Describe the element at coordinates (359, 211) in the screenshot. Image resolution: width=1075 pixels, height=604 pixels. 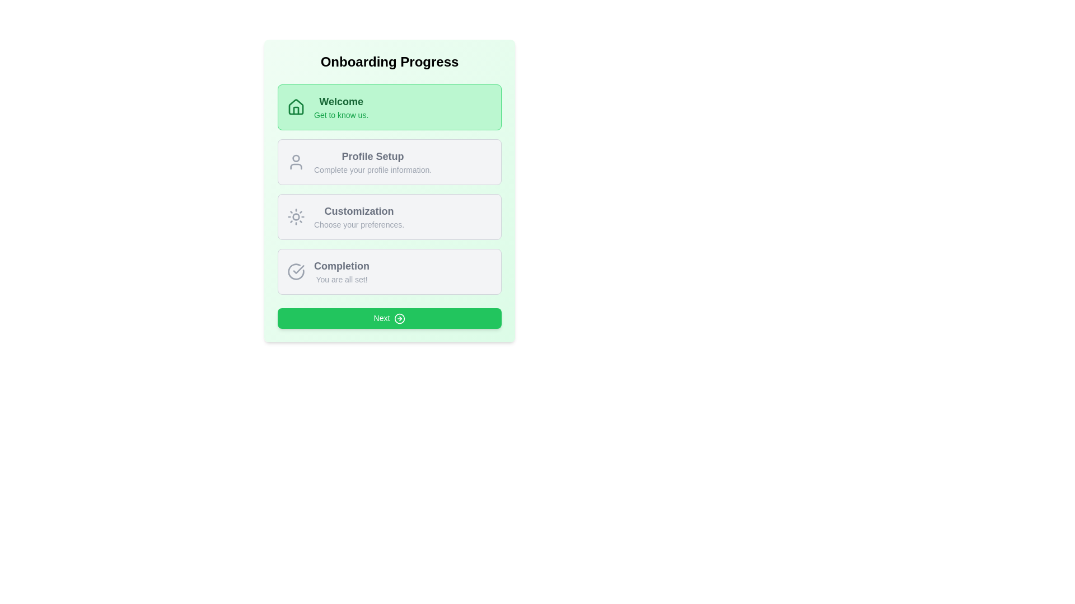
I see `the 'Customization' text label, which is a prominent section header in the onboarding progress panel, displayed in a larger bold font and gray color` at that location.